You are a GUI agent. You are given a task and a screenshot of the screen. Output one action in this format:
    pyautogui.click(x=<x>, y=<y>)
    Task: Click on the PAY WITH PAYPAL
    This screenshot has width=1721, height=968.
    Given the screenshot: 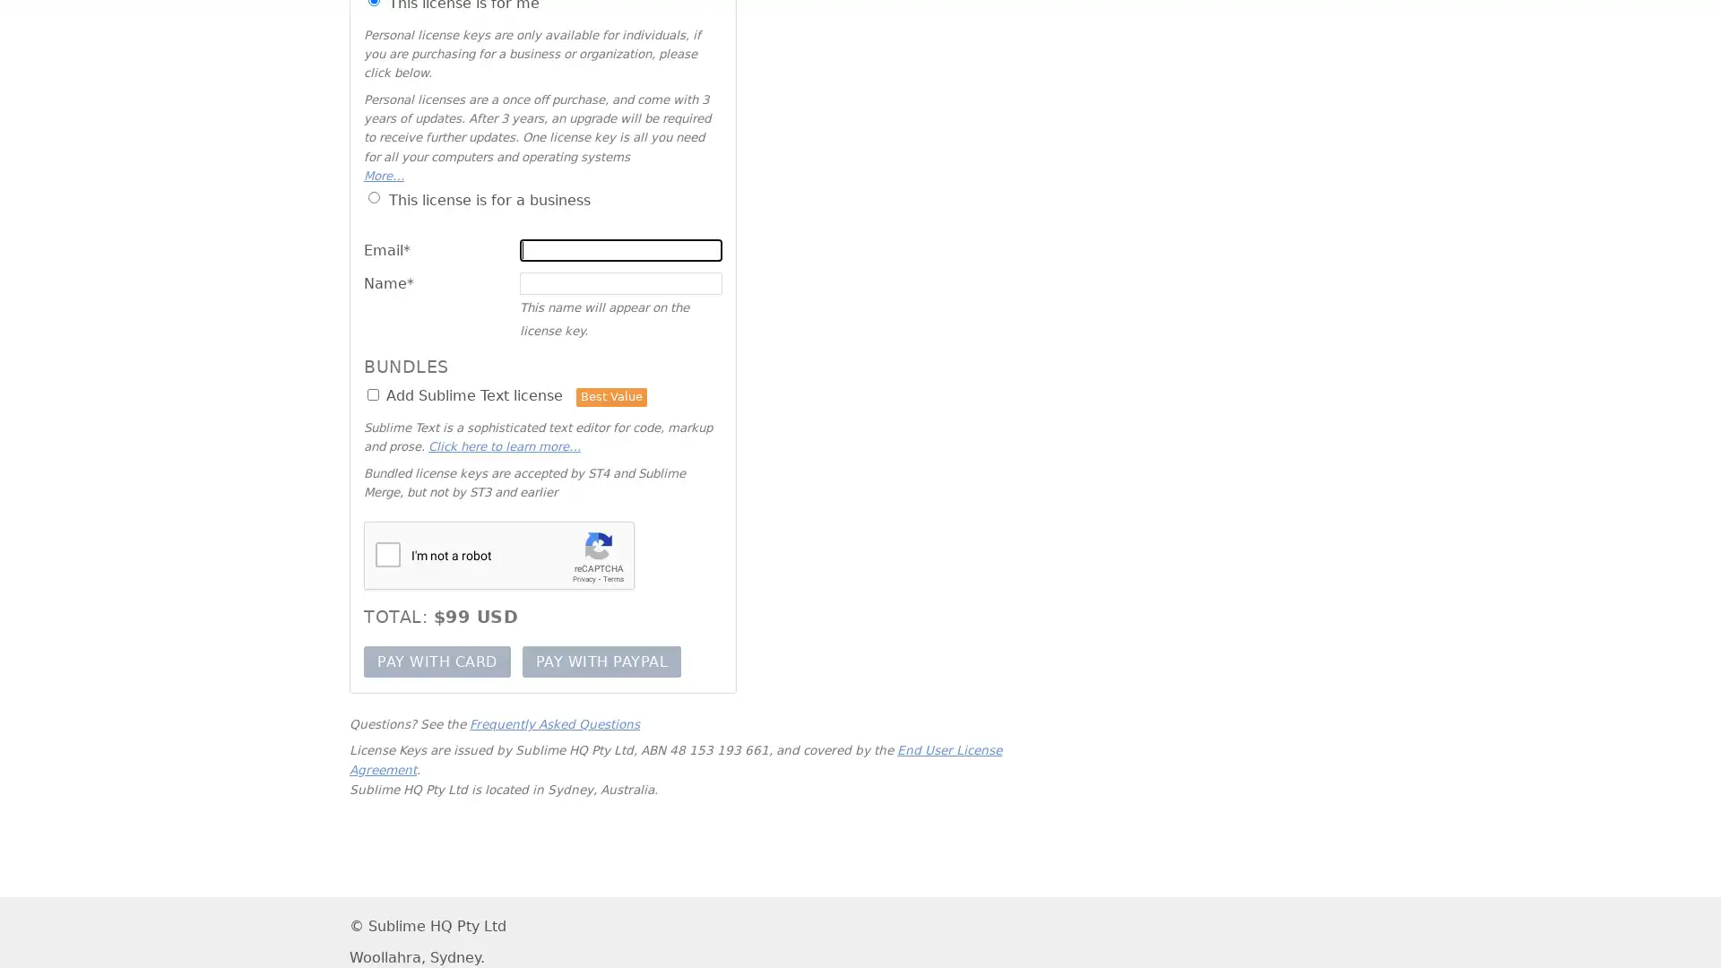 What is the action you would take?
    pyautogui.click(x=601, y=661)
    